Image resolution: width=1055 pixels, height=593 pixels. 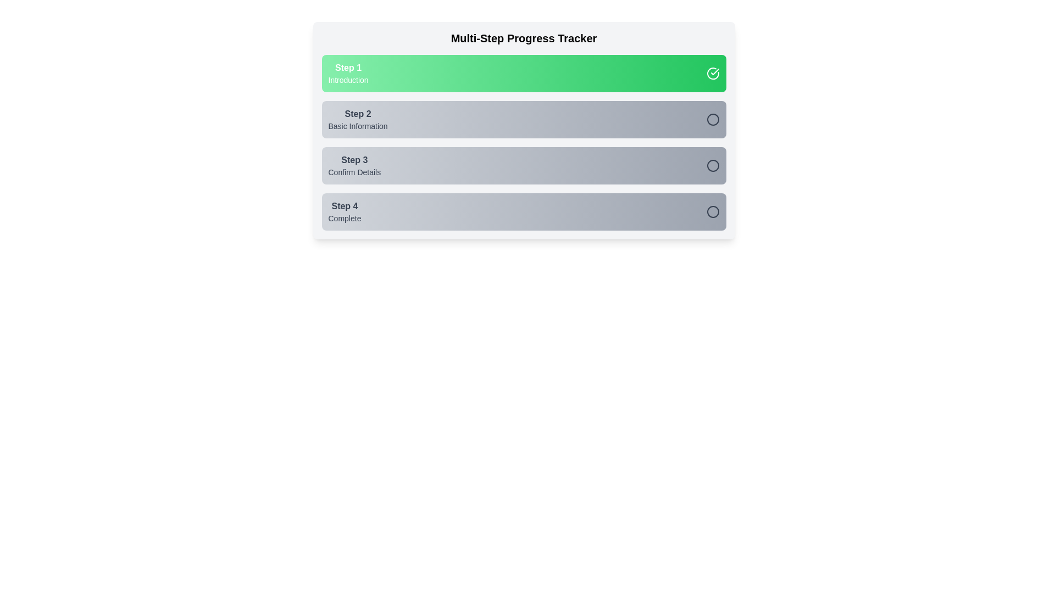 What do you see at coordinates (523, 37) in the screenshot?
I see `the text label reading 'Multi-Step Progress Tracker', which is styled with a large bold font, centered at the top of a multi-step progress interface` at bounding box center [523, 37].